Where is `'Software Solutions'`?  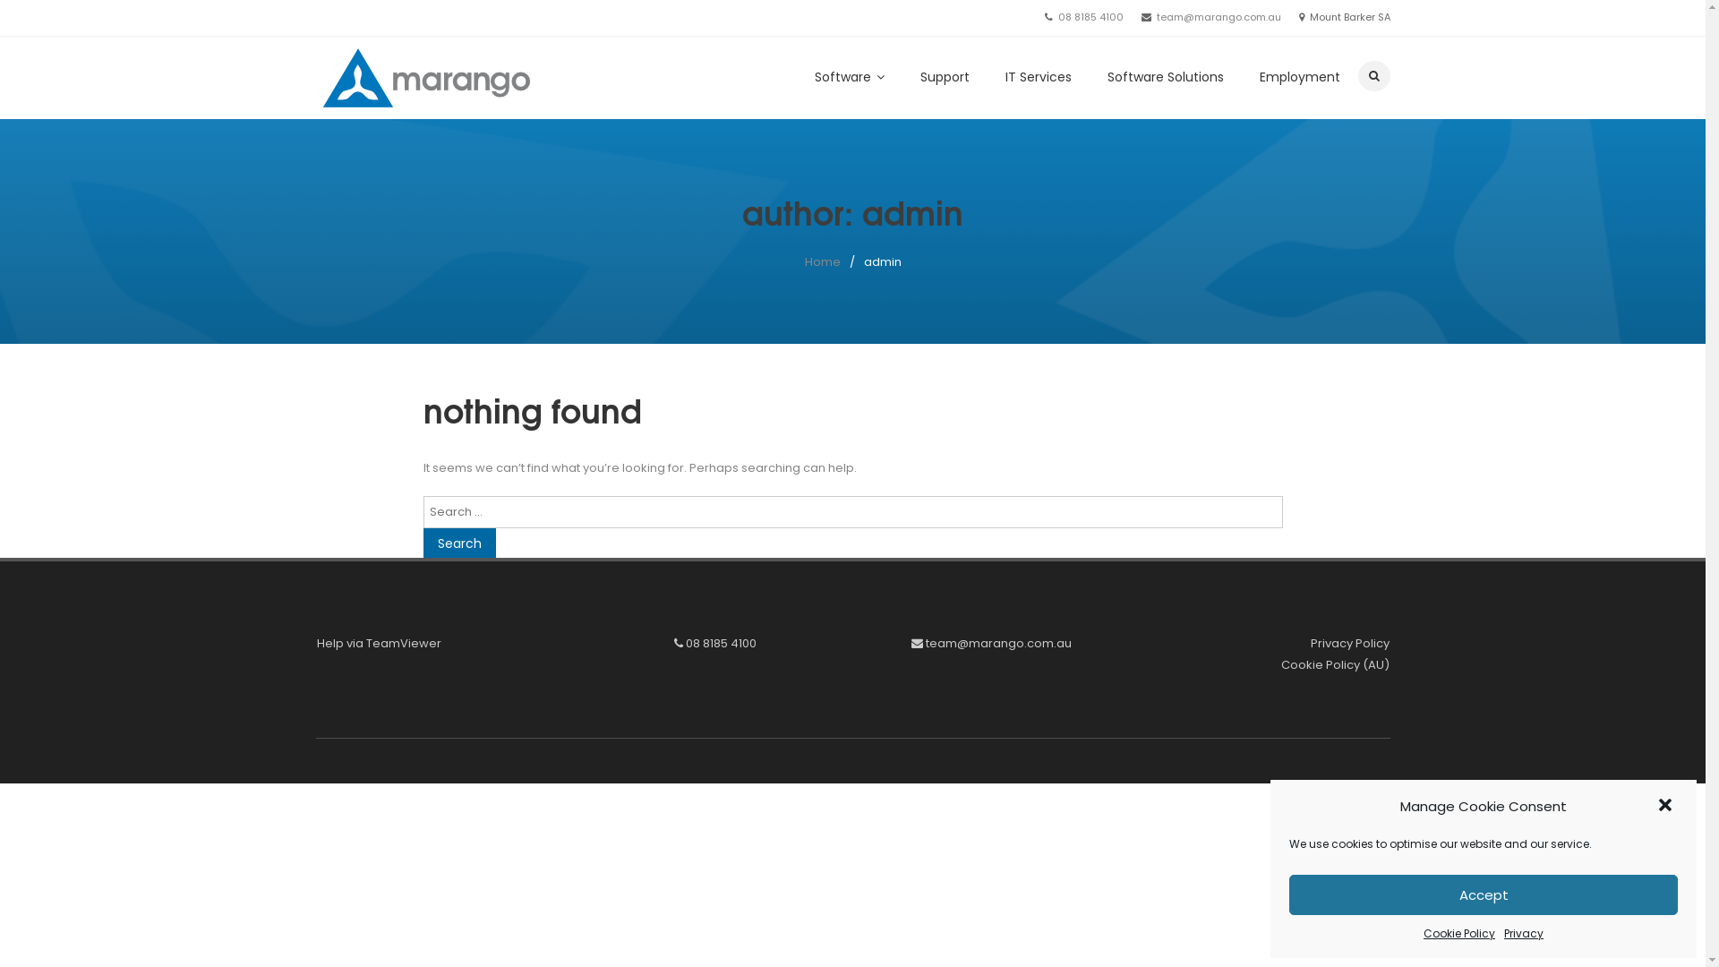
'Software Solutions' is located at coordinates (1164, 75).